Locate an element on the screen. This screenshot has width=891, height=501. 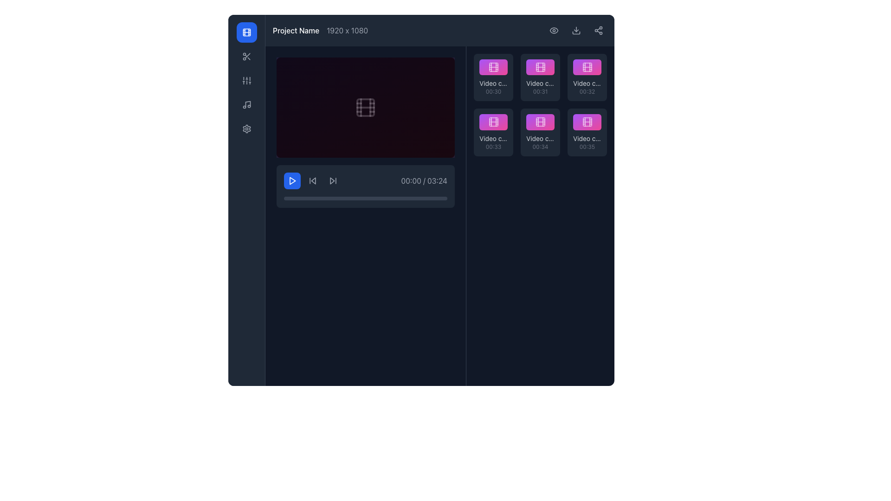
the play button icon located within a blue circular button on the left side of the media control bar is located at coordinates (291, 180).